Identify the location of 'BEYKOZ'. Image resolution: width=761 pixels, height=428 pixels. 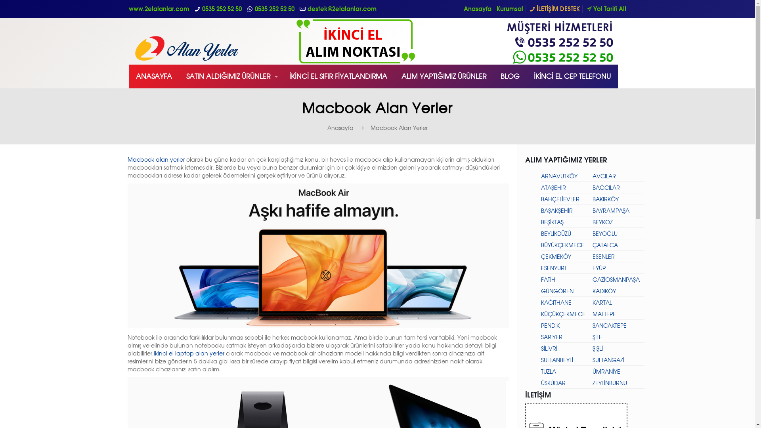
(602, 222).